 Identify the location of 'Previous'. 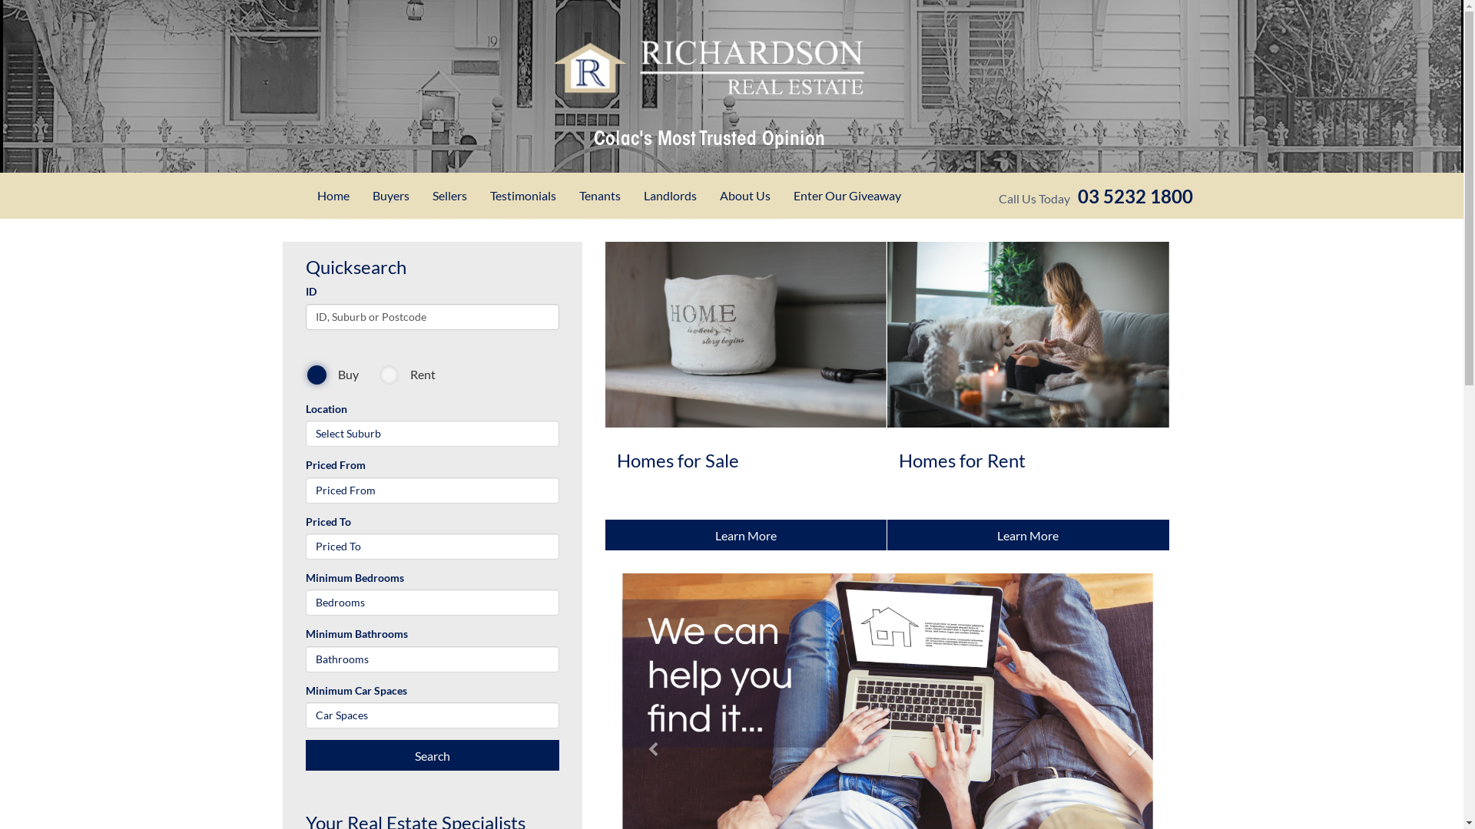
(648, 666).